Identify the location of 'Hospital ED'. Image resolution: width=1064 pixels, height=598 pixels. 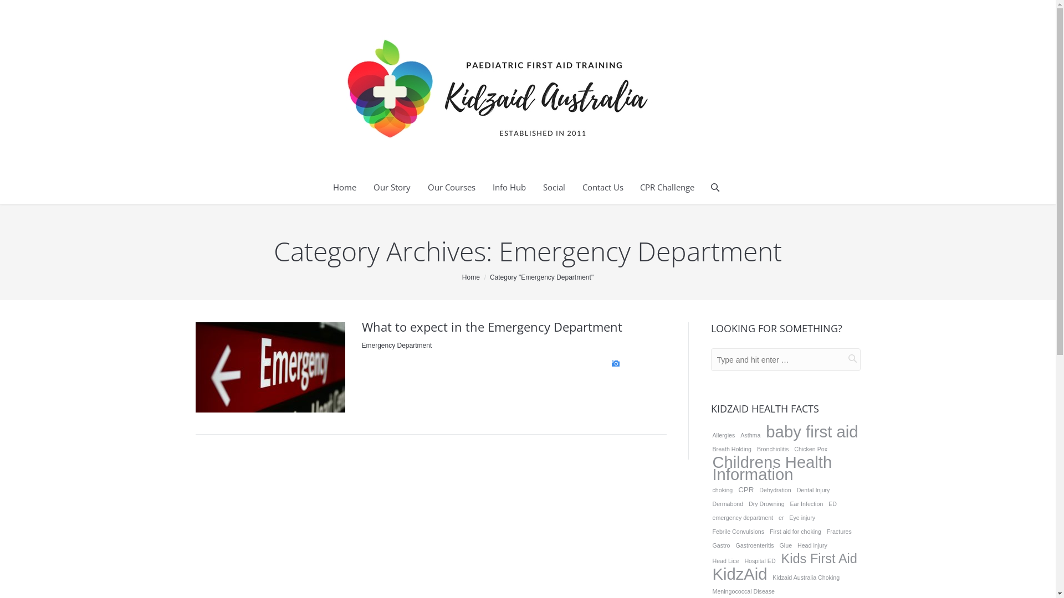
(759, 561).